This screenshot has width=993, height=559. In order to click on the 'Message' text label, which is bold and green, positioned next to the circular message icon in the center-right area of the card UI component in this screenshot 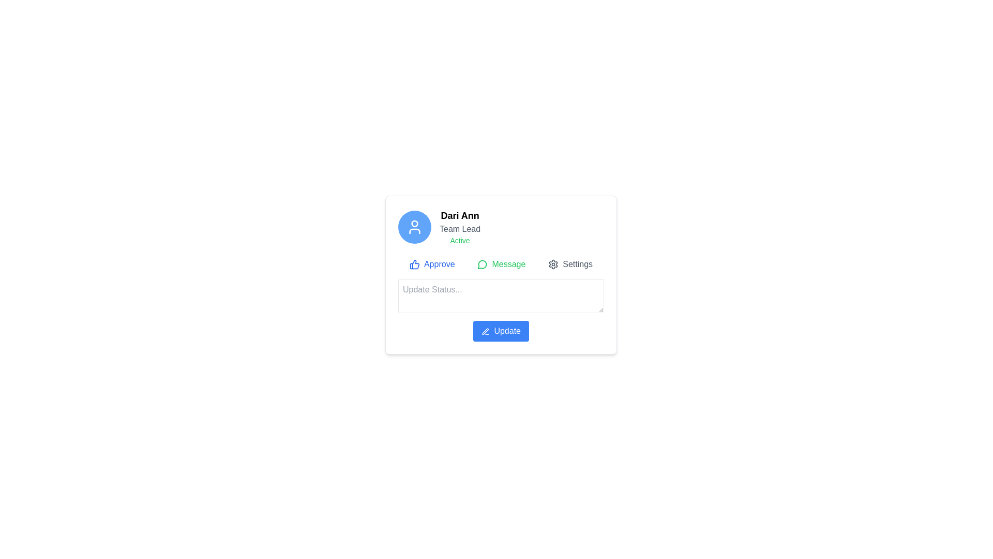, I will do `click(508, 263)`.